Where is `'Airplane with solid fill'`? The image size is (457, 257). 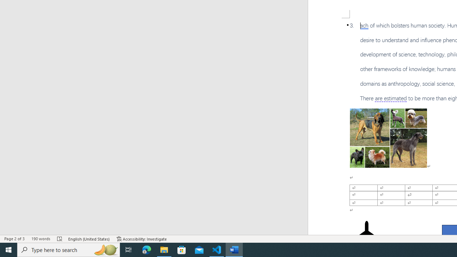
'Airplane with solid fill' is located at coordinates (367, 235).